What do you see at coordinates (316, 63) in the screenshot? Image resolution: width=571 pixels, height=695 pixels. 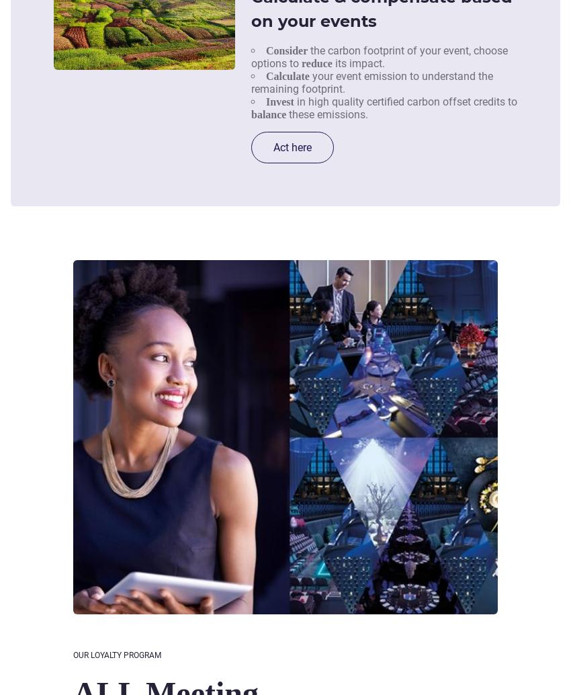 I see `'reduce'` at bounding box center [316, 63].